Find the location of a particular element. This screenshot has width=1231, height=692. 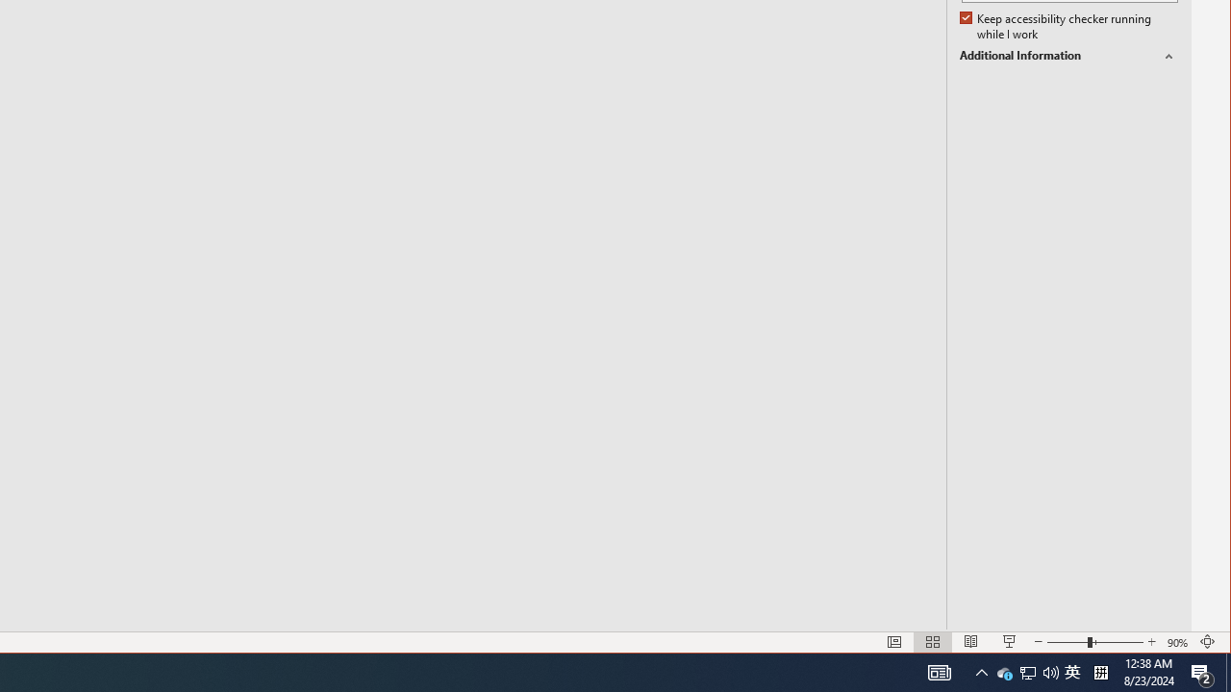

'Tray Input Indicator - Chinese (Simplified, China)' is located at coordinates (1100, 671).